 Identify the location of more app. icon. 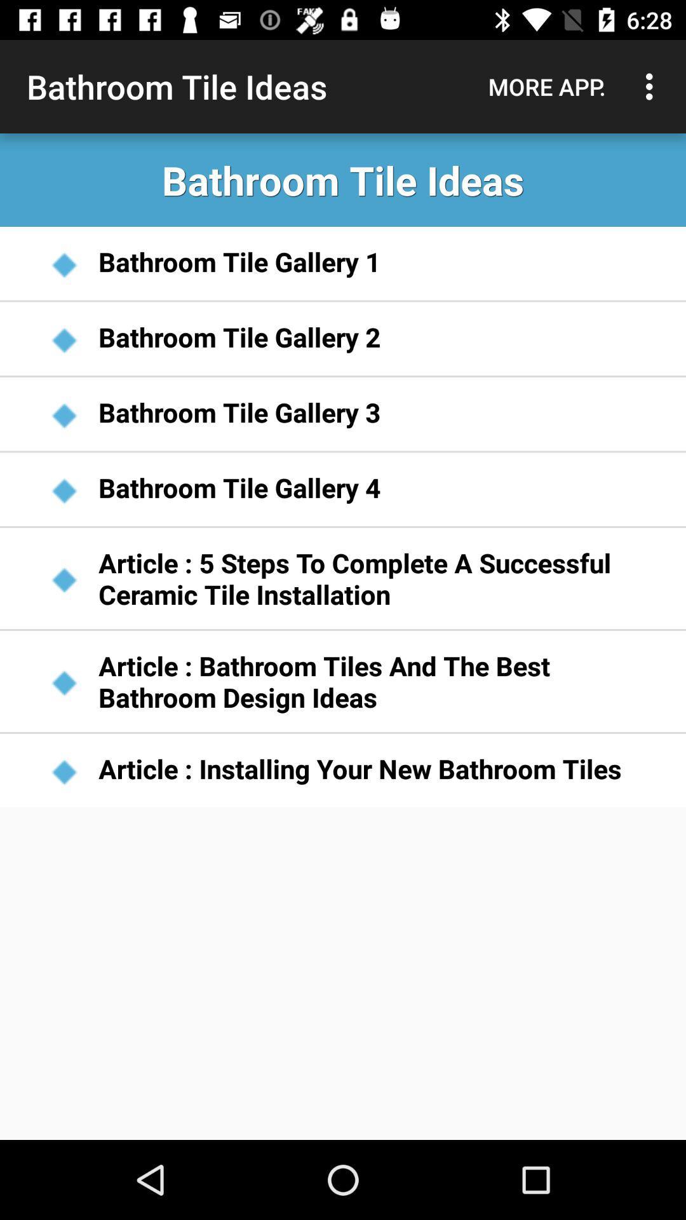
(546, 86).